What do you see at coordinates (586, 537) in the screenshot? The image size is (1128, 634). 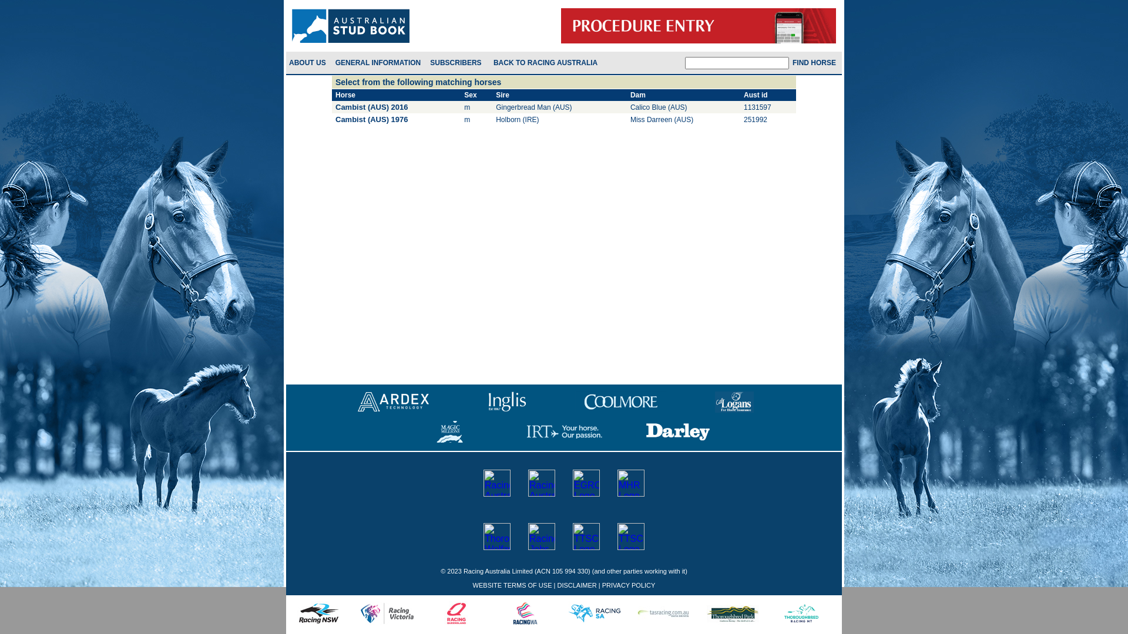 I see `'TTSC'` at bounding box center [586, 537].